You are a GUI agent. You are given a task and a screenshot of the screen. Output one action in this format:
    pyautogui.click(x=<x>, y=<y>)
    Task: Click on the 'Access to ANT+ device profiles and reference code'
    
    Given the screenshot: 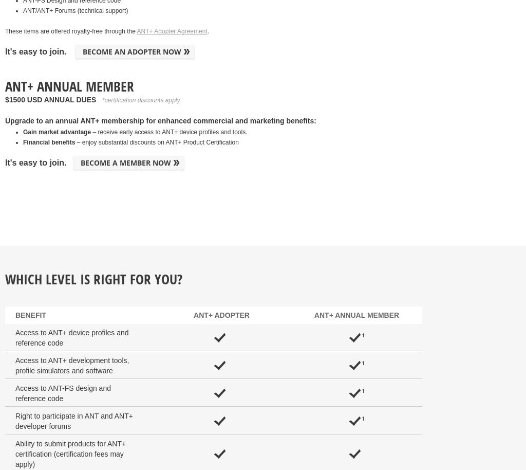 What is the action you would take?
    pyautogui.click(x=71, y=337)
    